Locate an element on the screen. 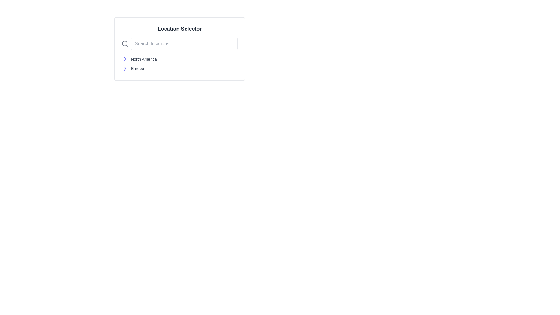 This screenshot has width=560, height=315. the selectable location option for 'Europe' in the second row of the 'Location Selector' interface is located at coordinates (179, 68).